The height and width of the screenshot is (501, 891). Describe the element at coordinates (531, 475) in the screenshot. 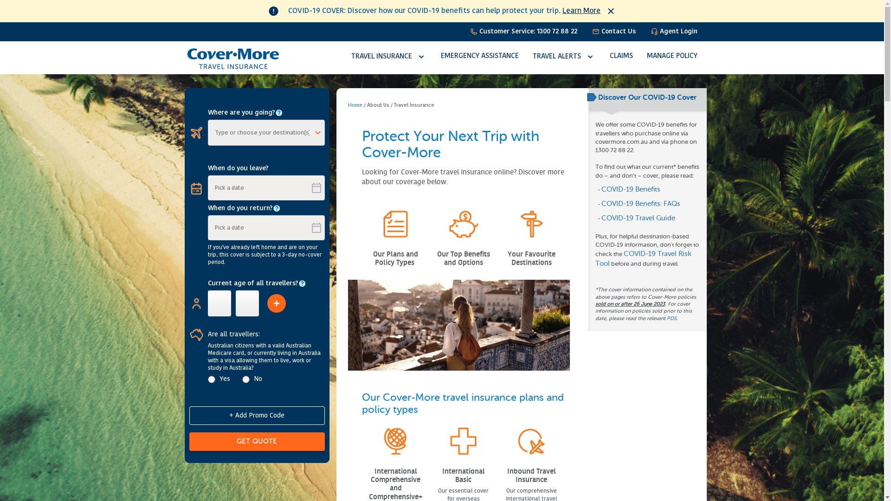

I see `'Inbound Travel Insurance'` at that location.